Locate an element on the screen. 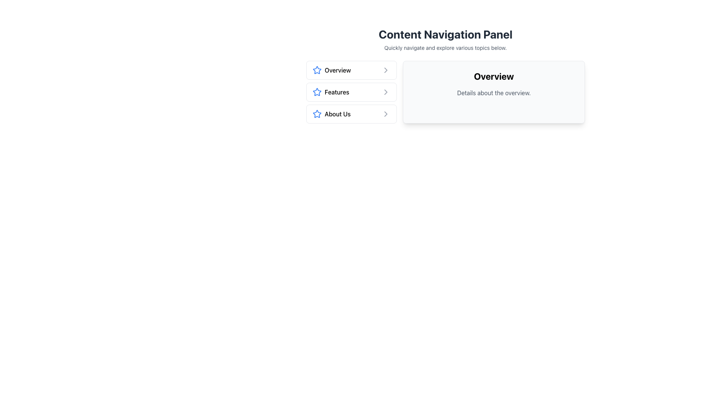  the chevron icon located at the far right of the Overview section in the content navigation panel to indicate navigability or expansion is located at coordinates (386, 70).